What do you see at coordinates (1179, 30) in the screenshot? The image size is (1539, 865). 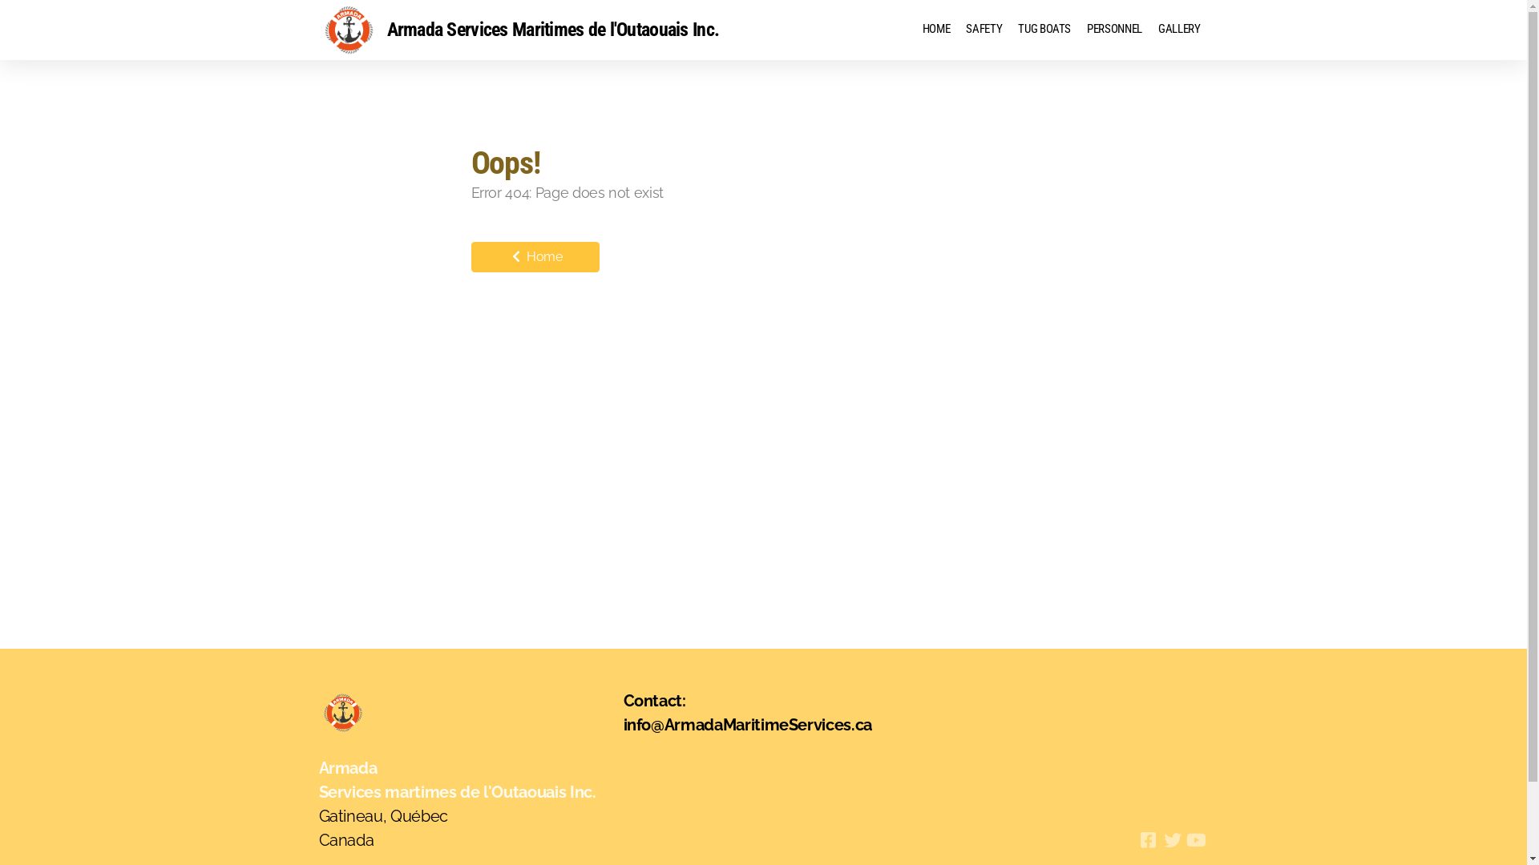 I see `'GALLERY'` at bounding box center [1179, 30].